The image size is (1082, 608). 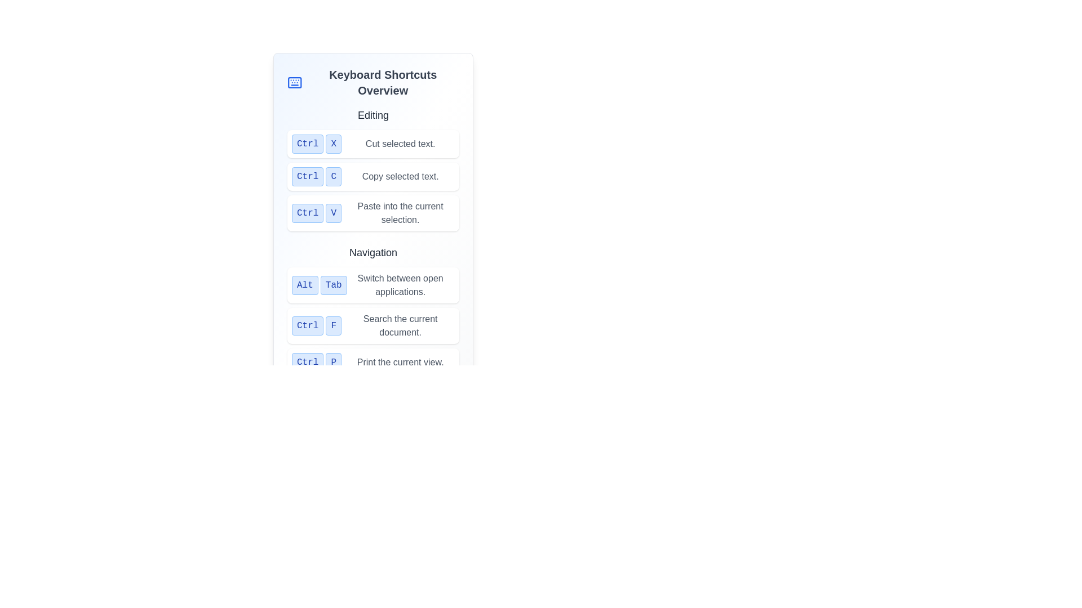 What do you see at coordinates (308, 143) in the screenshot?
I see `the rectangular button labeled 'Ctrl' with a light blue background and blue text, located under the 'Editing' header in the shortcut key overview panel` at bounding box center [308, 143].